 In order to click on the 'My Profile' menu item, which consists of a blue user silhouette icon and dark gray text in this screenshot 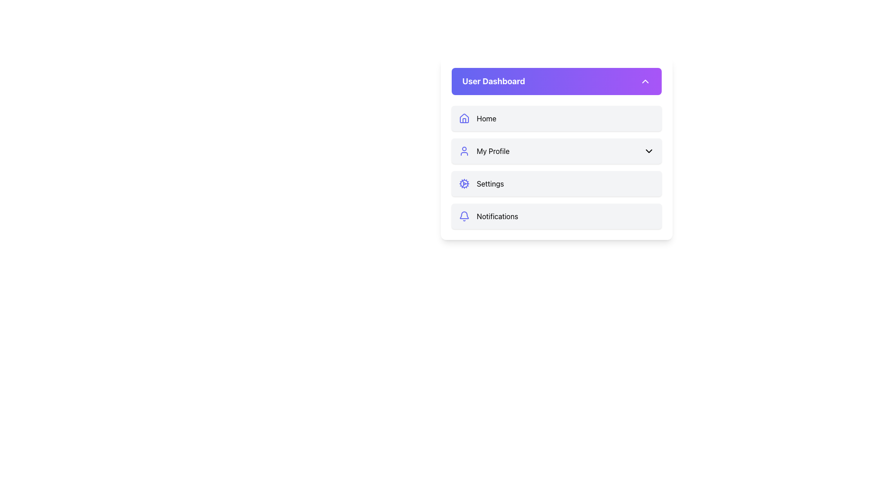, I will do `click(483, 151)`.